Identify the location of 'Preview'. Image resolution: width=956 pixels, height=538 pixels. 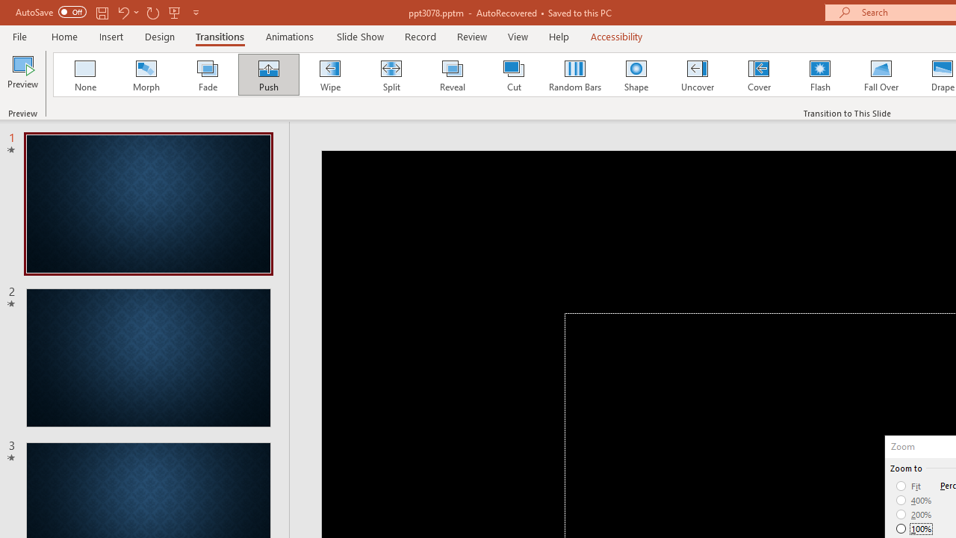
(22, 77).